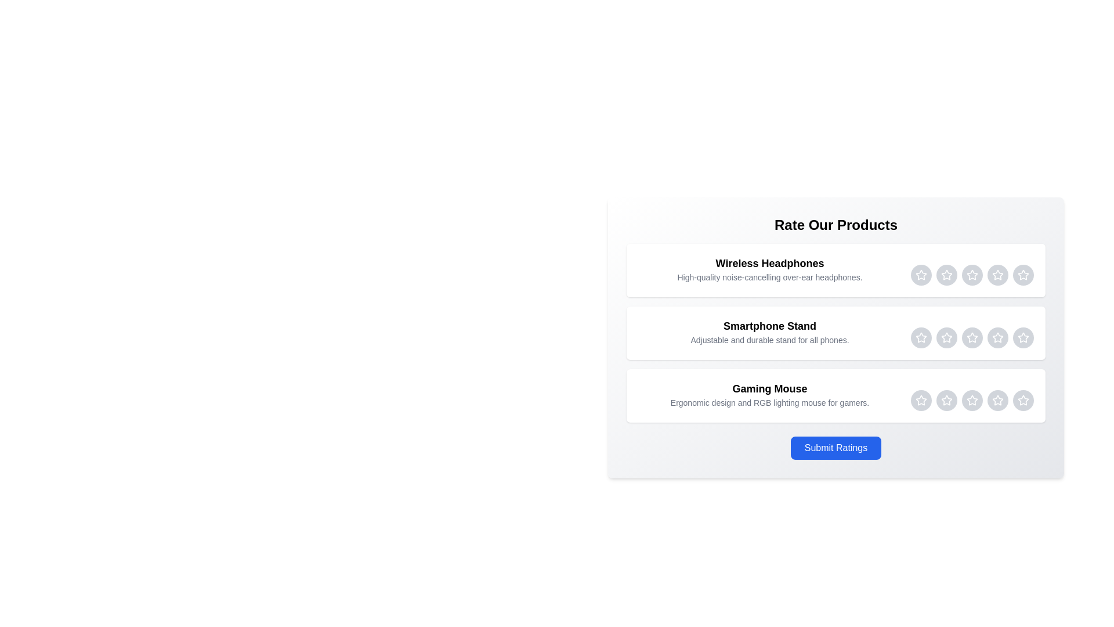  Describe the element at coordinates (1023, 400) in the screenshot. I see `the Gaming Mouse rating star 5` at that location.